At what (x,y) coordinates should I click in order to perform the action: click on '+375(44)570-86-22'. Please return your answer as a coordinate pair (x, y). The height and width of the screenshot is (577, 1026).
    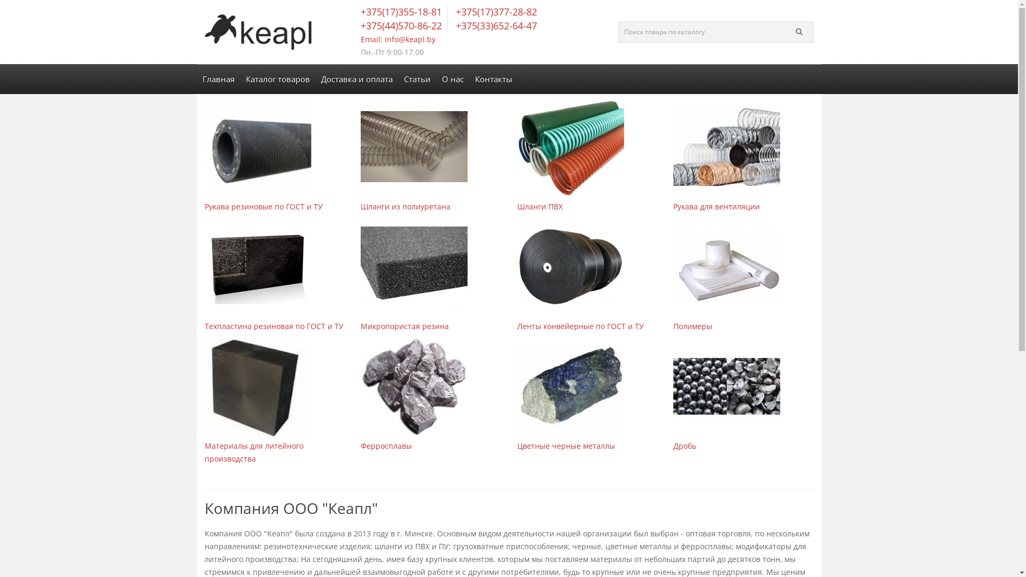
    Looking at the image, I should click on (403, 25).